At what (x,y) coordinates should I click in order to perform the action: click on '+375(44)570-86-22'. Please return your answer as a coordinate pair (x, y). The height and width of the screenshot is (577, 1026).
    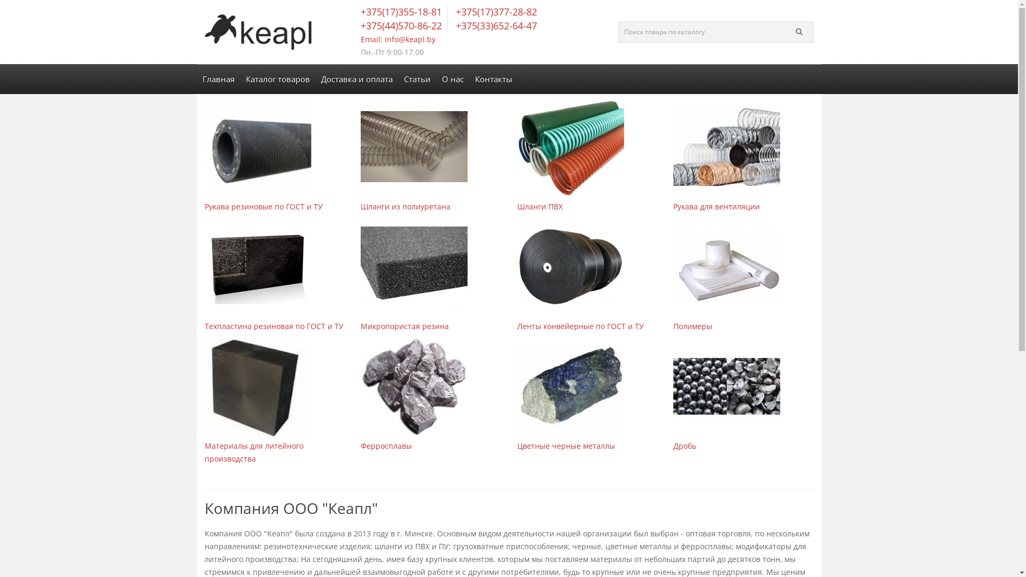
    Looking at the image, I should click on (403, 25).